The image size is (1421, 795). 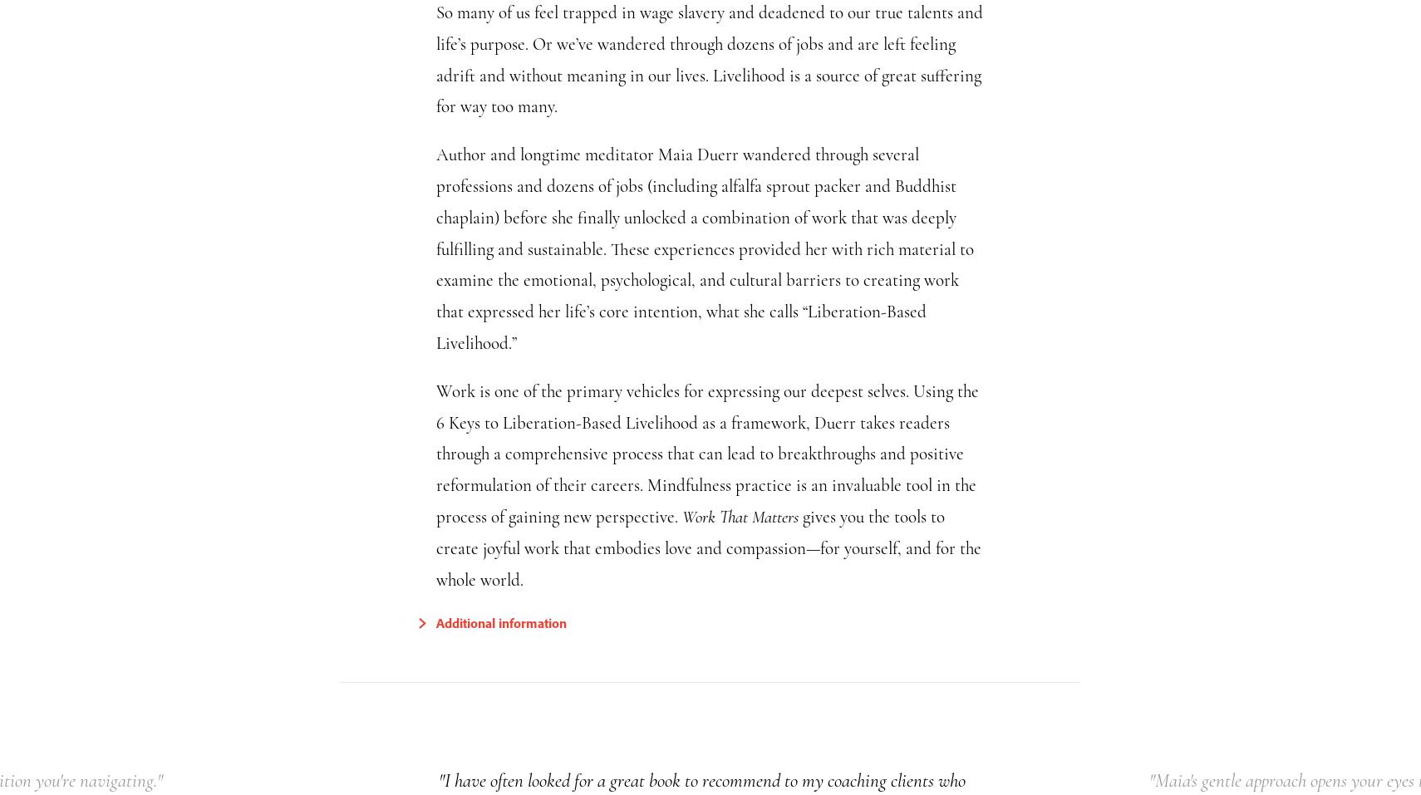 I want to click on 'Publicity and Media Enquiries', so click(x=568, y=760).